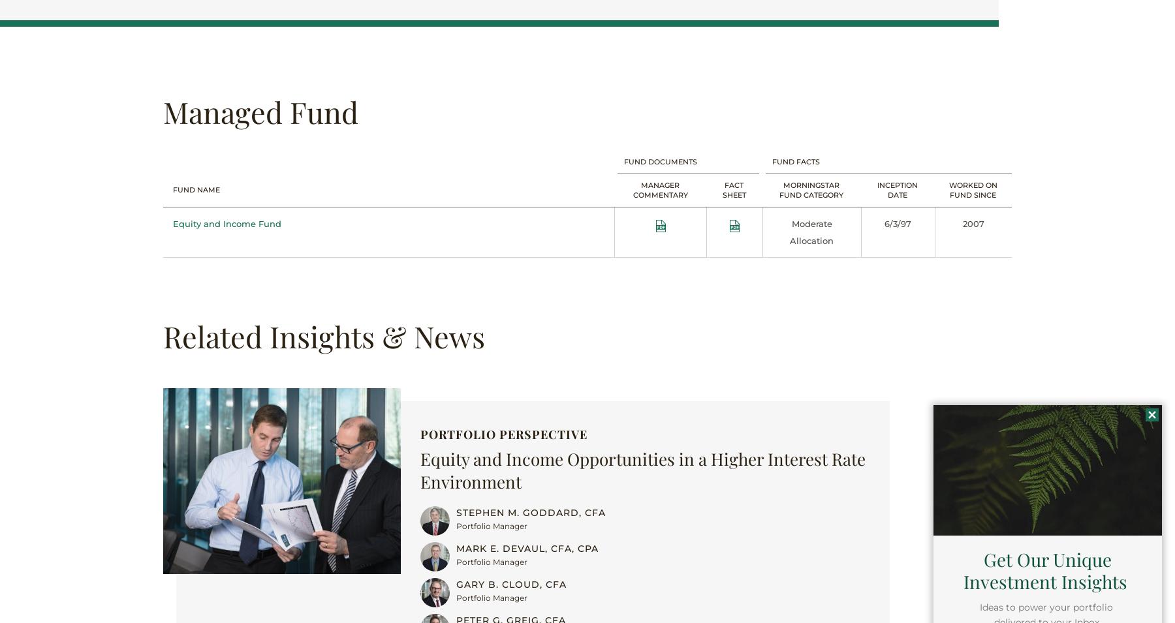  What do you see at coordinates (659, 160) in the screenshot?
I see `'Fund Documents'` at bounding box center [659, 160].